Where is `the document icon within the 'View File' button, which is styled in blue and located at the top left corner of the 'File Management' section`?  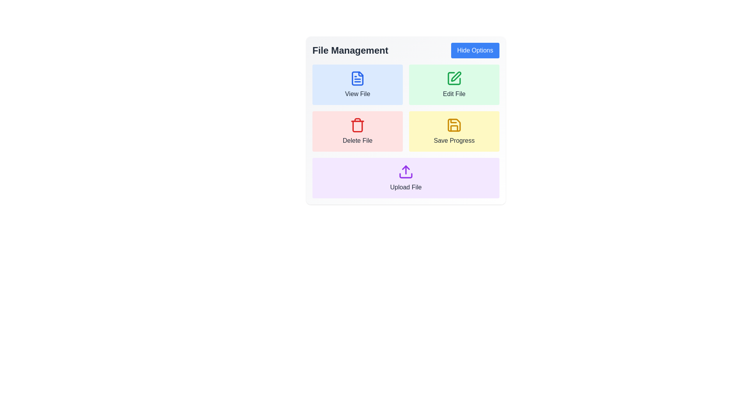 the document icon within the 'View File' button, which is styled in blue and located at the top left corner of the 'File Management' section is located at coordinates (357, 78).